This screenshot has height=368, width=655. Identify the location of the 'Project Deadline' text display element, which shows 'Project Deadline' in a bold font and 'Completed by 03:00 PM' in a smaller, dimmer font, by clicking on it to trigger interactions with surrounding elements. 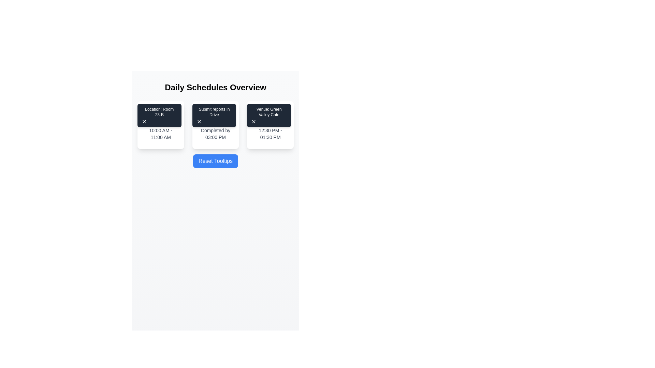
(215, 125).